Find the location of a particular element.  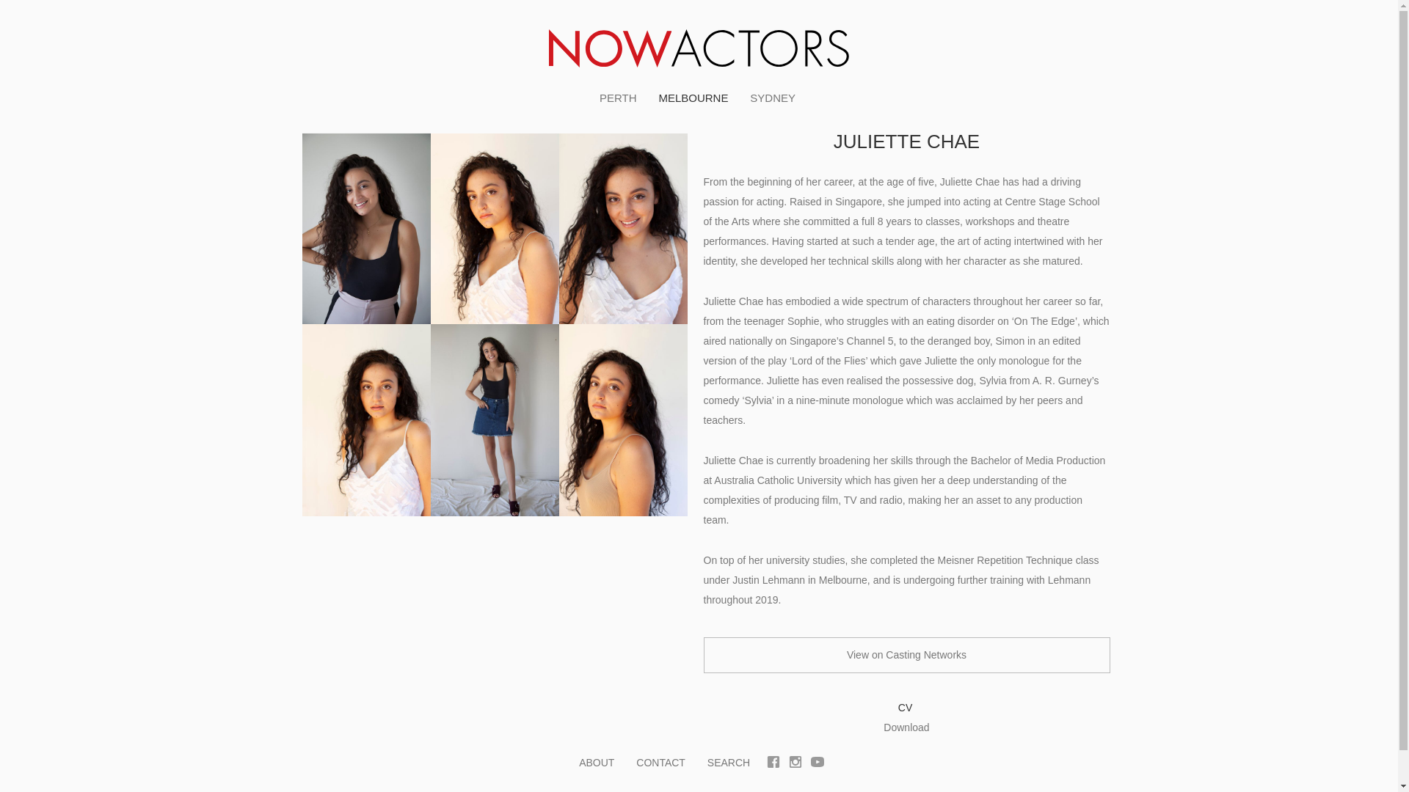

'Download' is located at coordinates (905, 727).